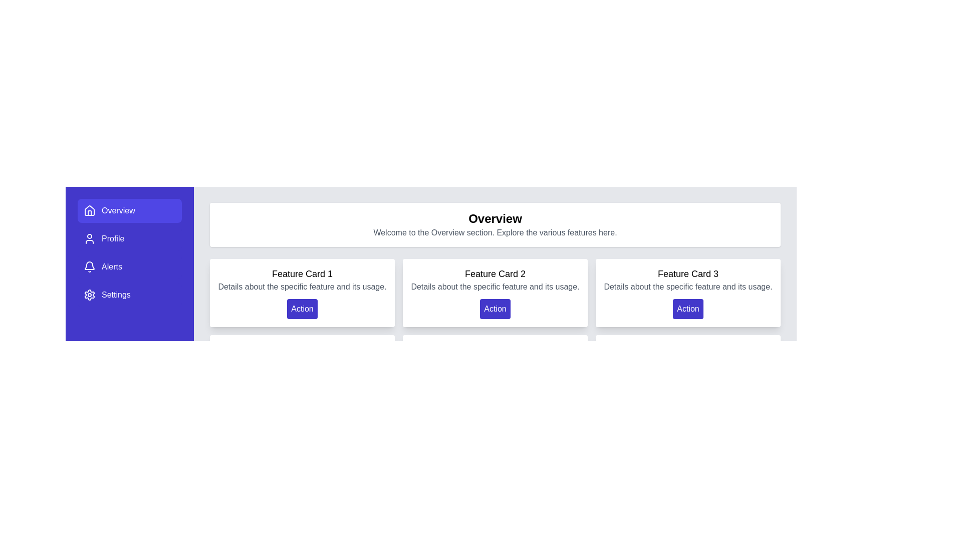 The image size is (962, 541). Describe the element at coordinates (89, 239) in the screenshot. I see `the user profile icon located in the vertical navigation menu on the far left side, which is styled with thin strokes against a dark purple background and is the second item in the list of navigation items` at that location.